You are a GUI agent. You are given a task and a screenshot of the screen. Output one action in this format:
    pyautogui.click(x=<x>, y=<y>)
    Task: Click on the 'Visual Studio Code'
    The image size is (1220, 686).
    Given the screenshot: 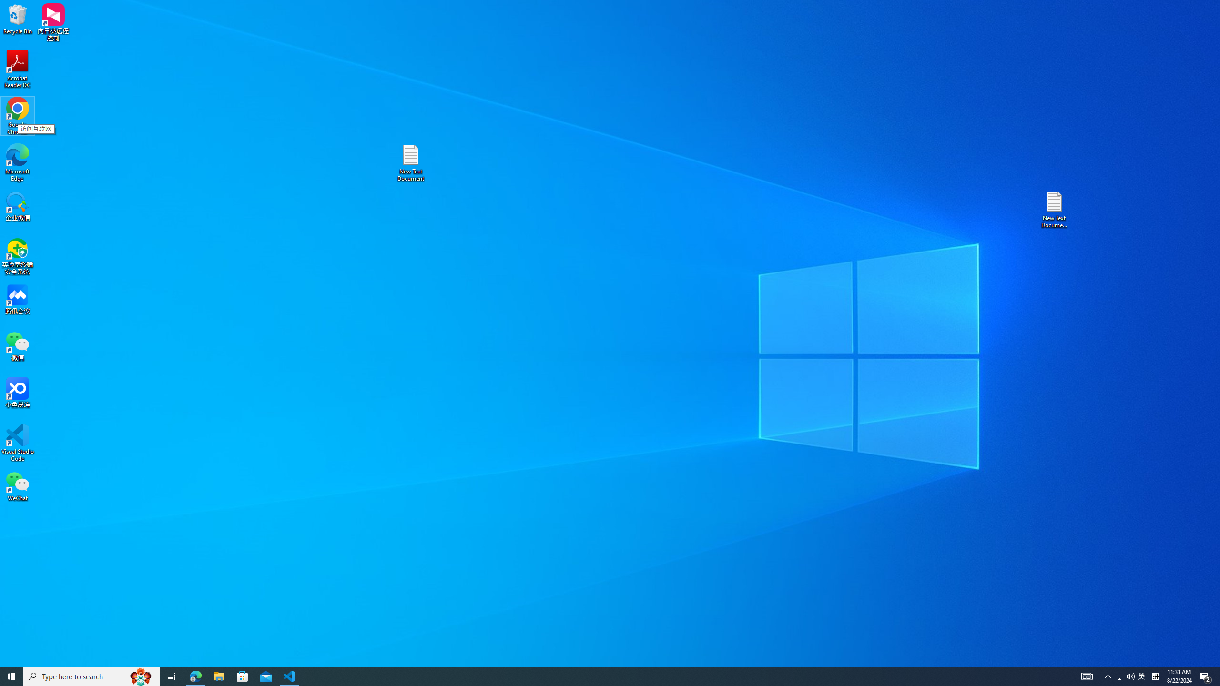 What is the action you would take?
    pyautogui.click(x=17, y=442)
    